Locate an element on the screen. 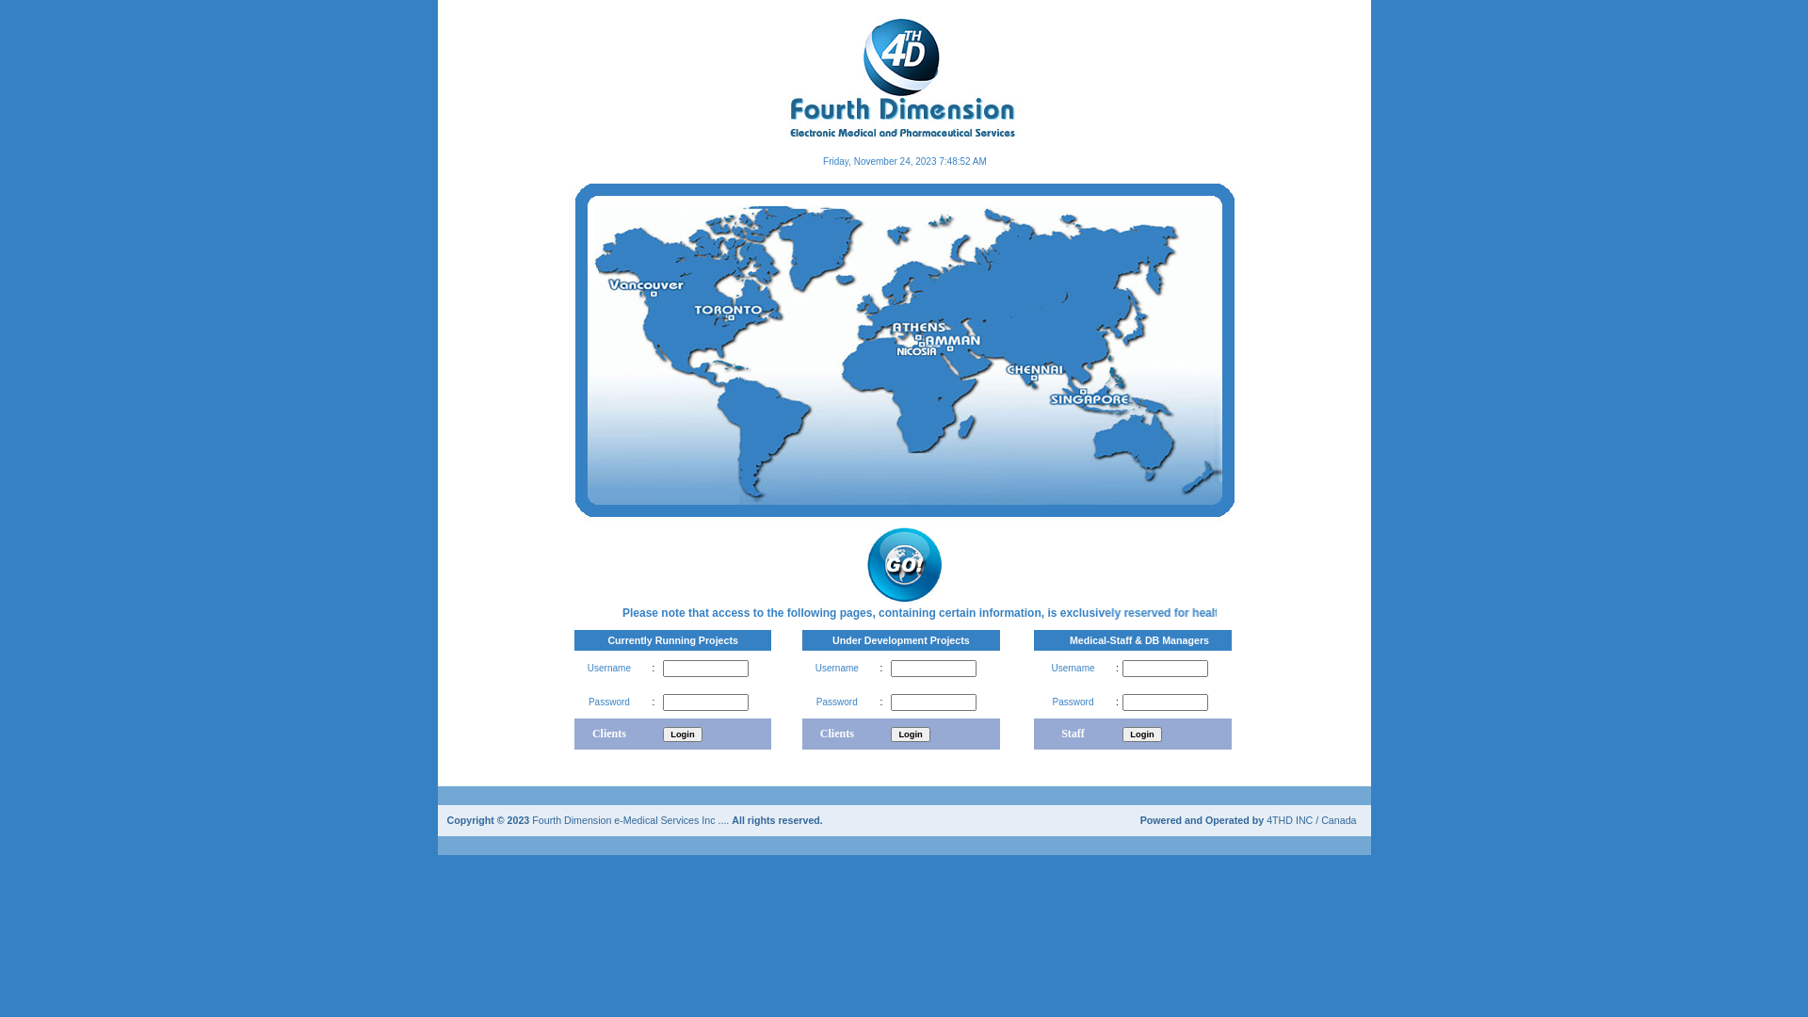 This screenshot has width=1808, height=1017. 'Fourth Dimension e-Medical Services Inc ....' is located at coordinates (632, 817).